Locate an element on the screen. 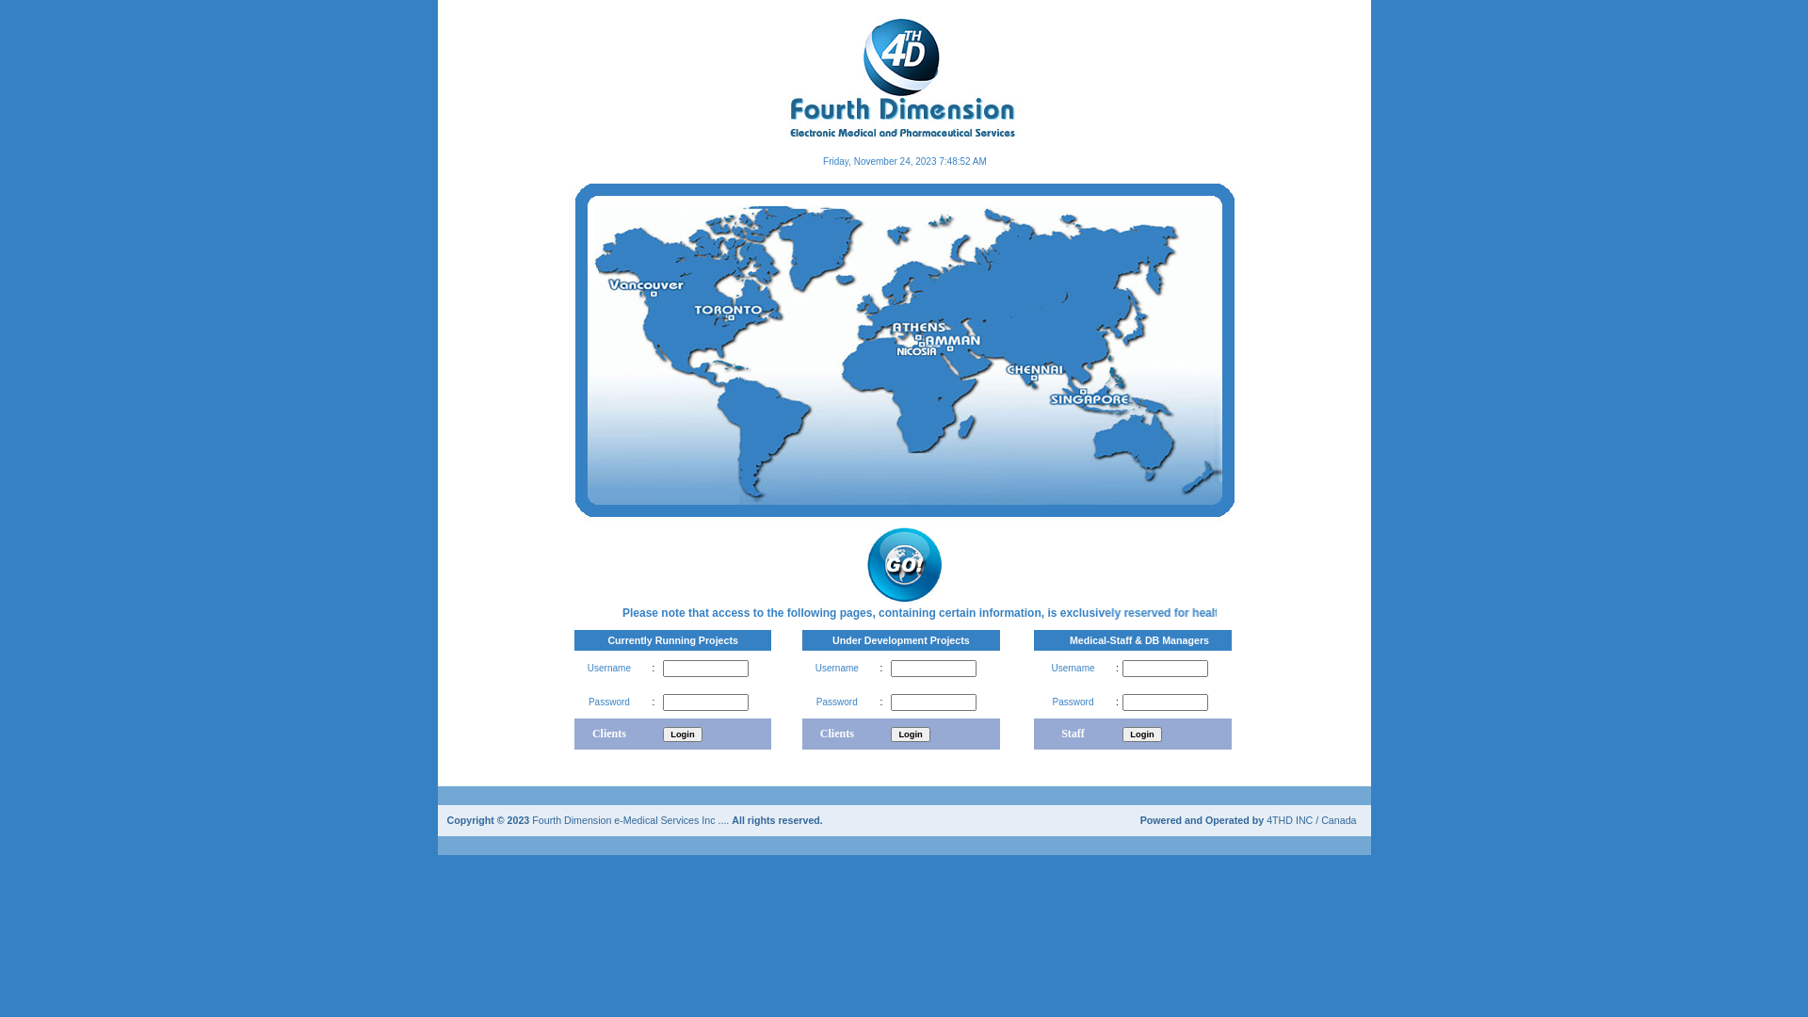 This screenshot has width=1808, height=1017. 'Fourth Dimension e-Medical Services Inc ....' is located at coordinates (632, 817).